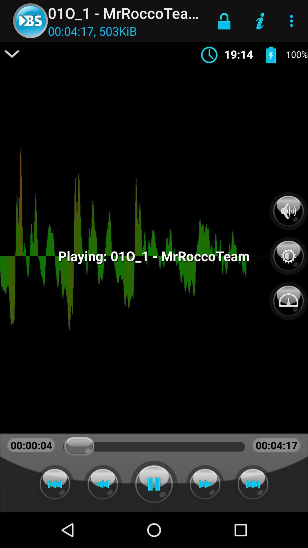 The height and width of the screenshot is (548, 308). What do you see at coordinates (103, 484) in the screenshot?
I see `back option` at bounding box center [103, 484].